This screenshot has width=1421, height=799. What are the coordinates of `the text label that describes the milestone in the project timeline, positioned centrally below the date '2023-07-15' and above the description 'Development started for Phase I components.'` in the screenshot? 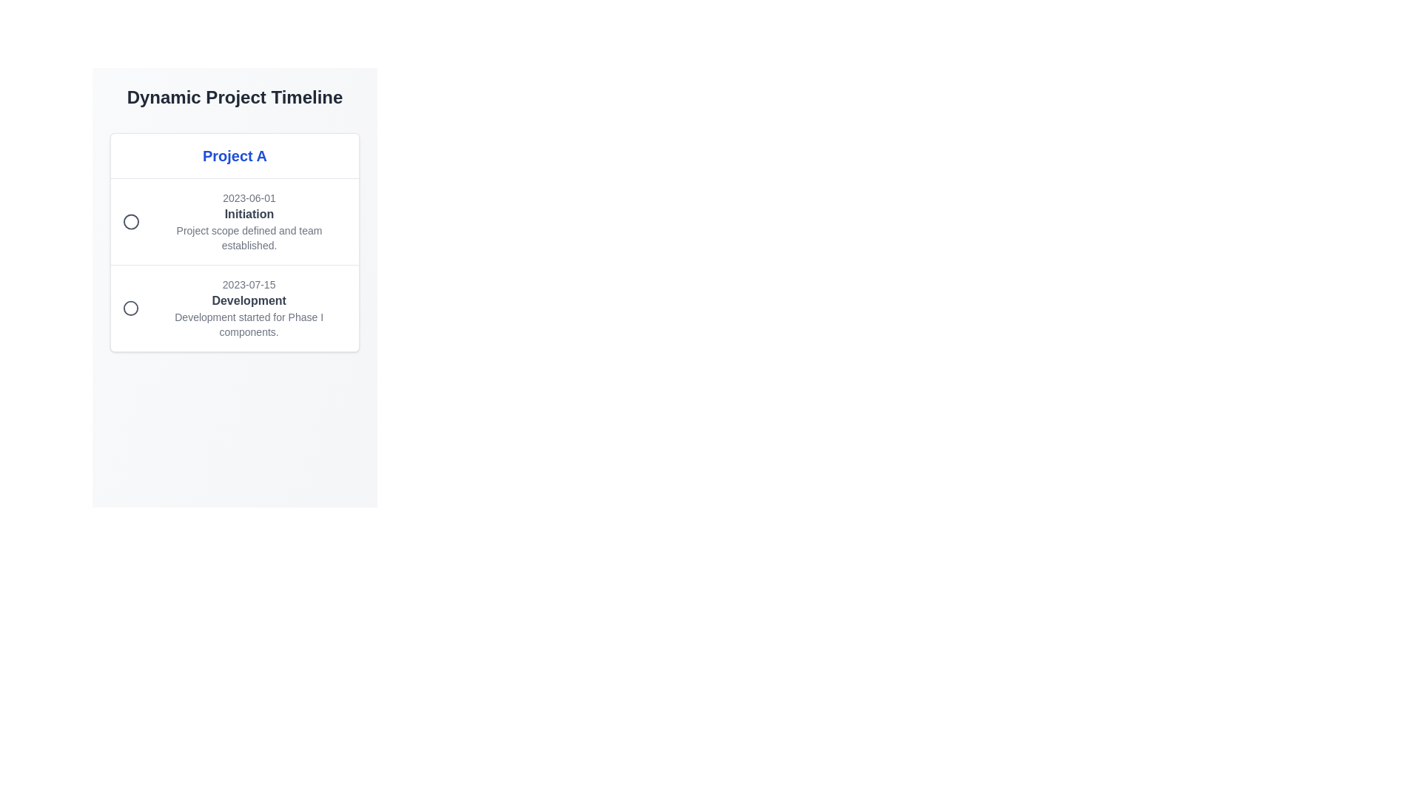 It's located at (249, 300).